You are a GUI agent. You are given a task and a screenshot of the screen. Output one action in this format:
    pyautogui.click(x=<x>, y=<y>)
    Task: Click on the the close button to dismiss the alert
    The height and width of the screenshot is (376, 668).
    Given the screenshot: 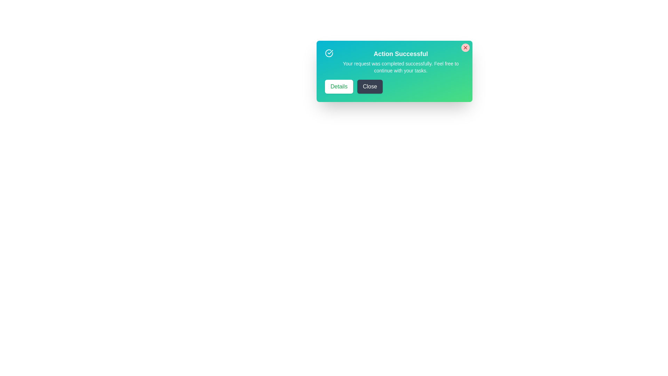 What is the action you would take?
    pyautogui.click(x=466, y=47)
    